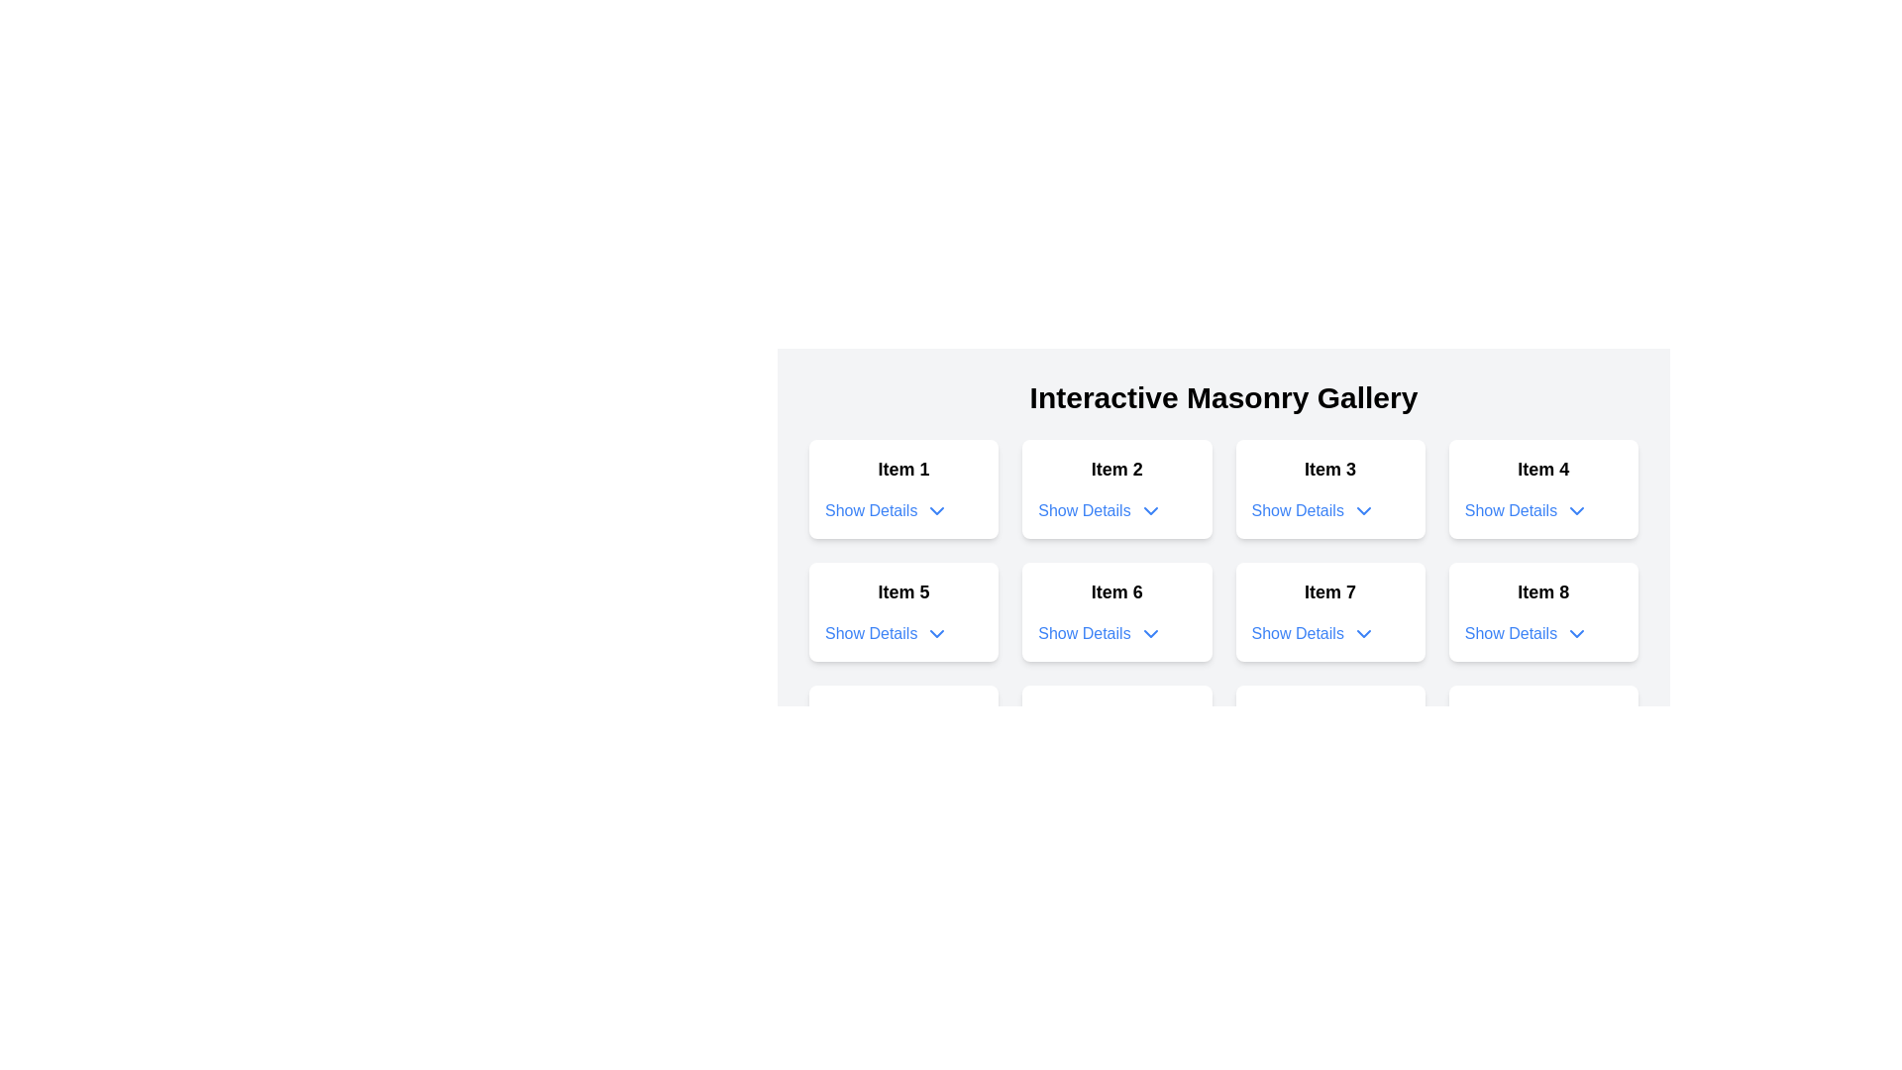 This screenshot has width=1902, height=1070. Describe the element at coordinates (1330, 470) in the screenshot. I see `the label identifying 'Item 3' in the grid, which is centrally positioned in the third column of the first row` at that location.